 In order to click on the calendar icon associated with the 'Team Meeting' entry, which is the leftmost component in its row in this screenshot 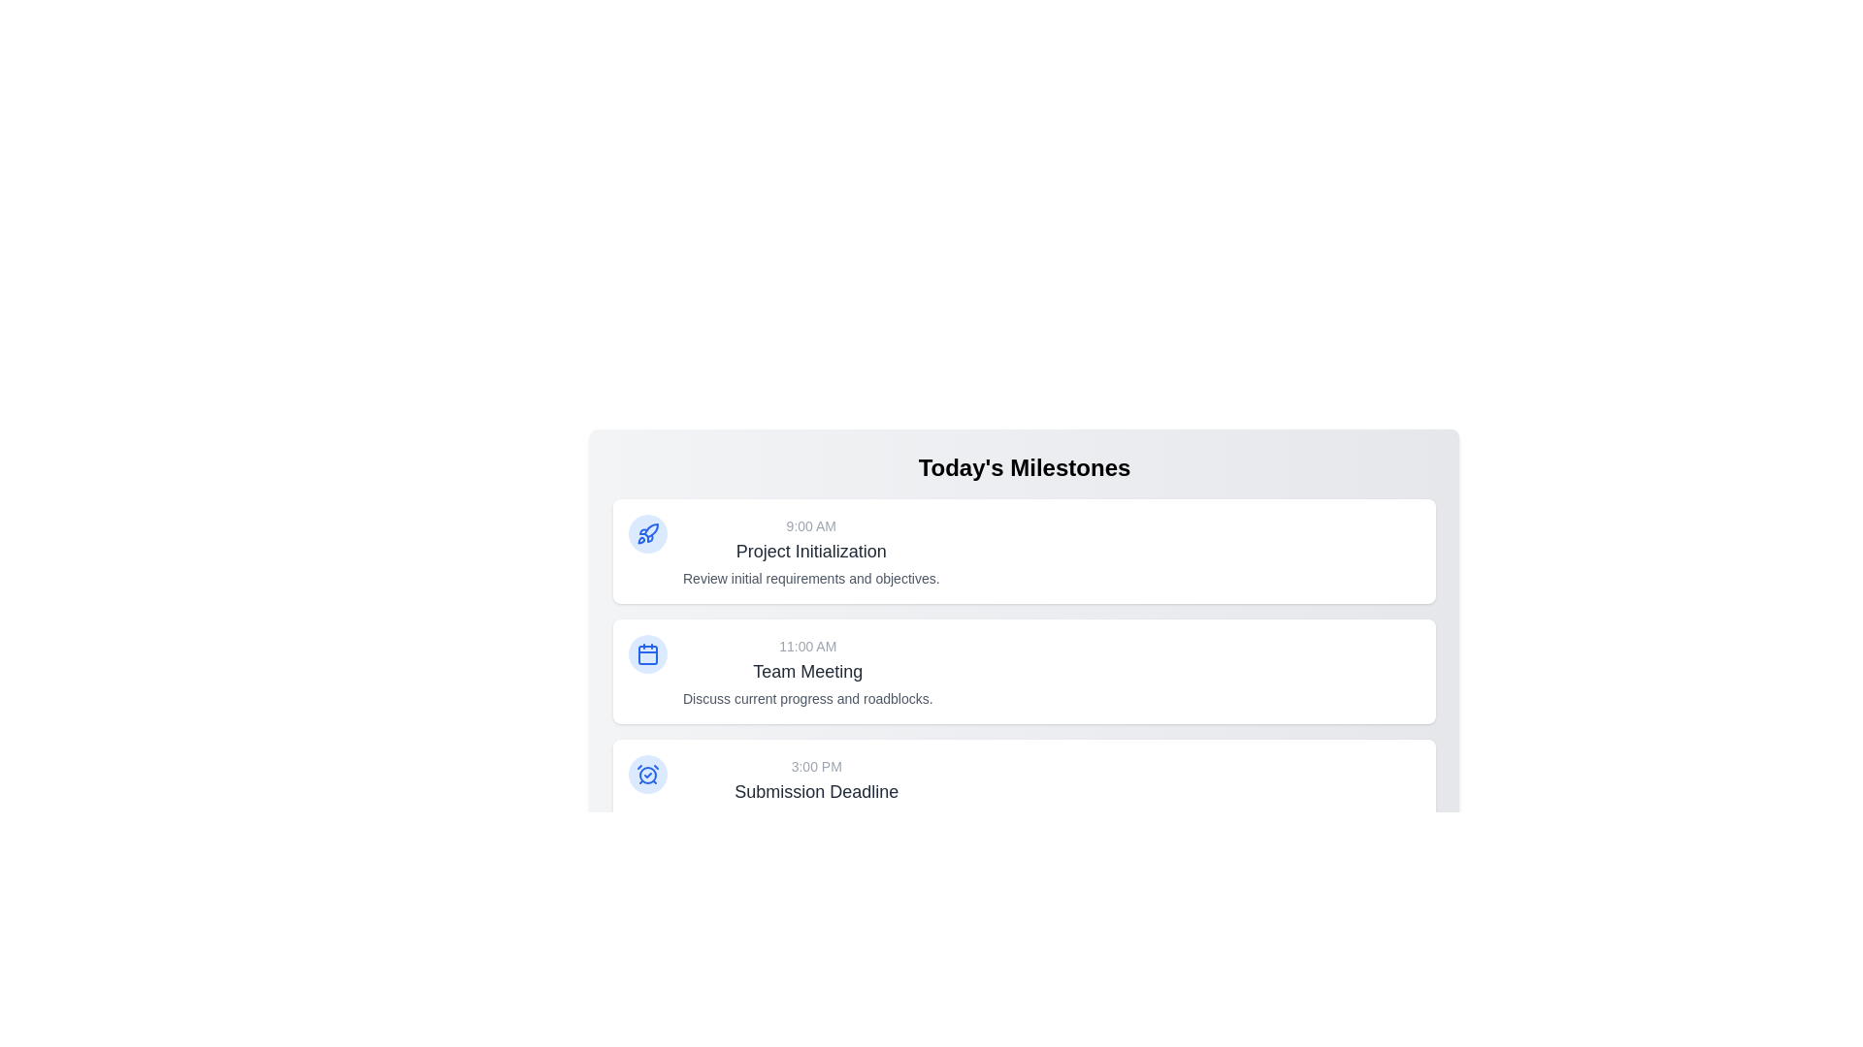, I will do `click(647, 654)`.